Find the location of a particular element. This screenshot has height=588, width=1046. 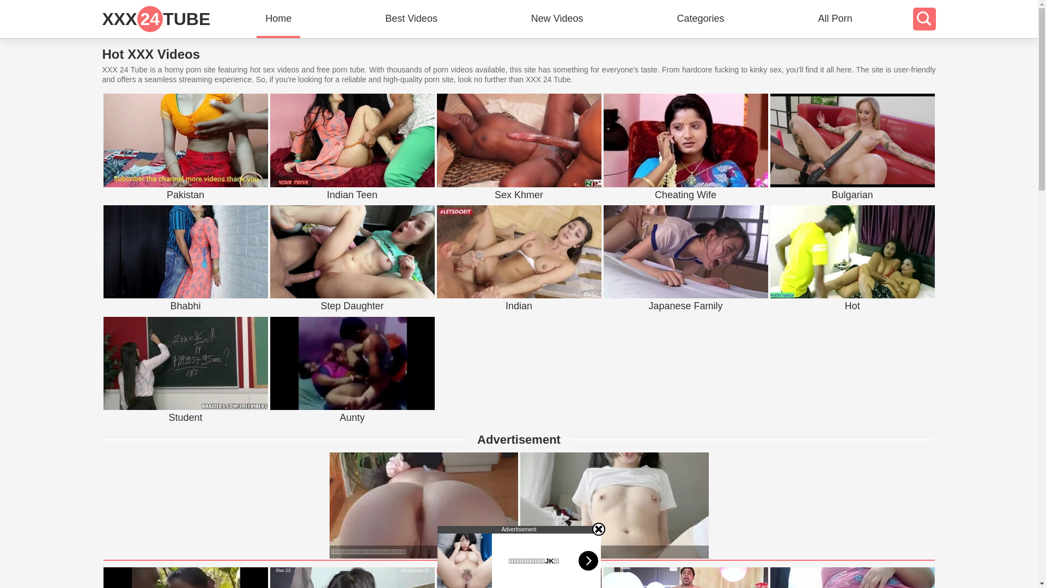

'Cheating Wife' is located at coordinates (685, 139).